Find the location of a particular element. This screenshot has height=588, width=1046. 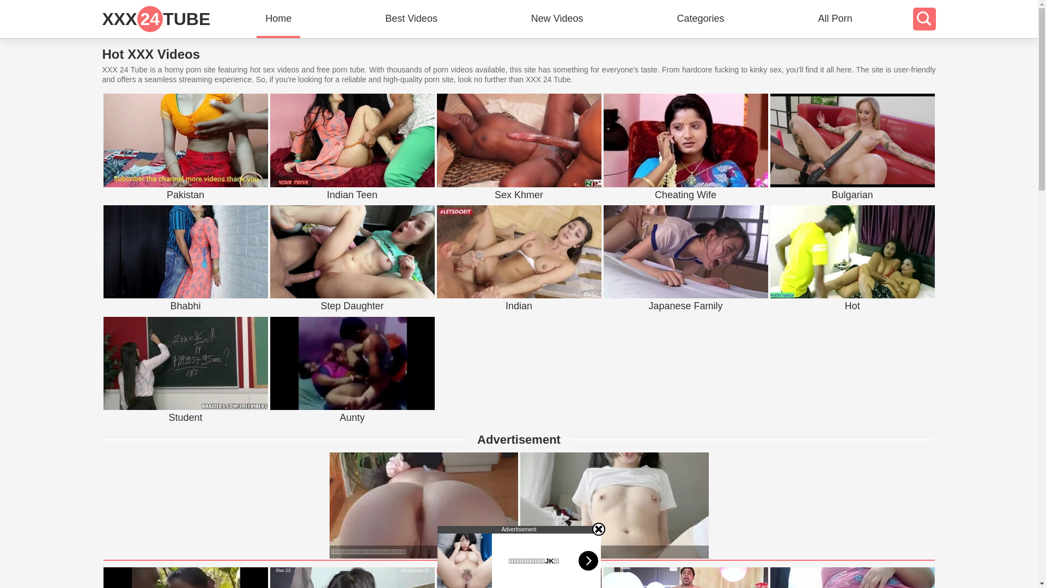

'Cheating Wife' is located at coordinates (685, 139).